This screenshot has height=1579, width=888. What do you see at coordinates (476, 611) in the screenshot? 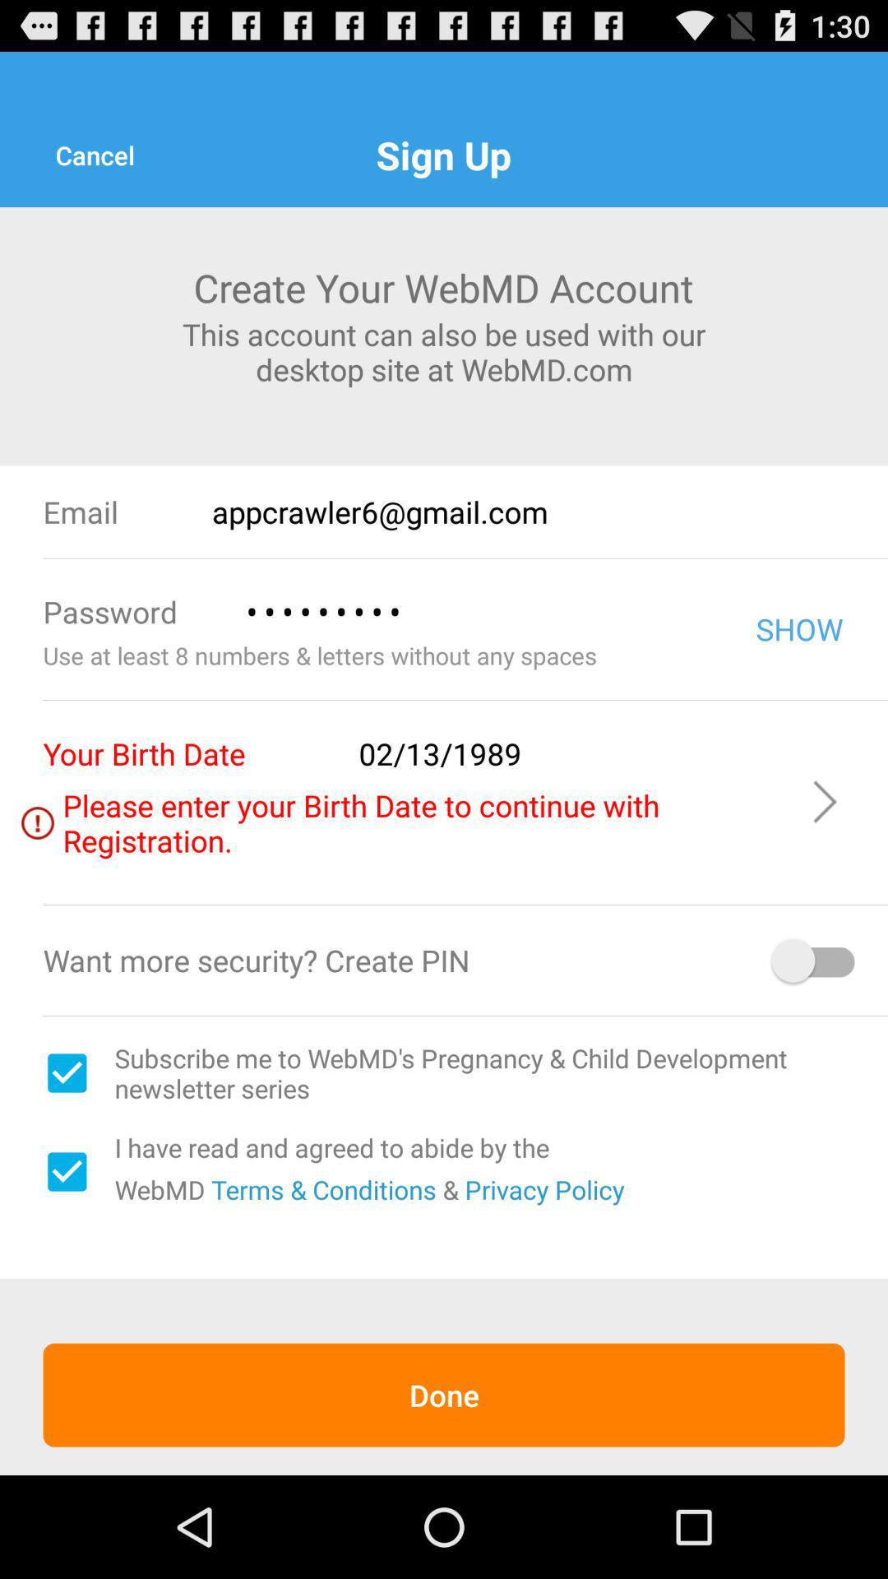
I see `crowd3116` at bounding box center [476, 611].